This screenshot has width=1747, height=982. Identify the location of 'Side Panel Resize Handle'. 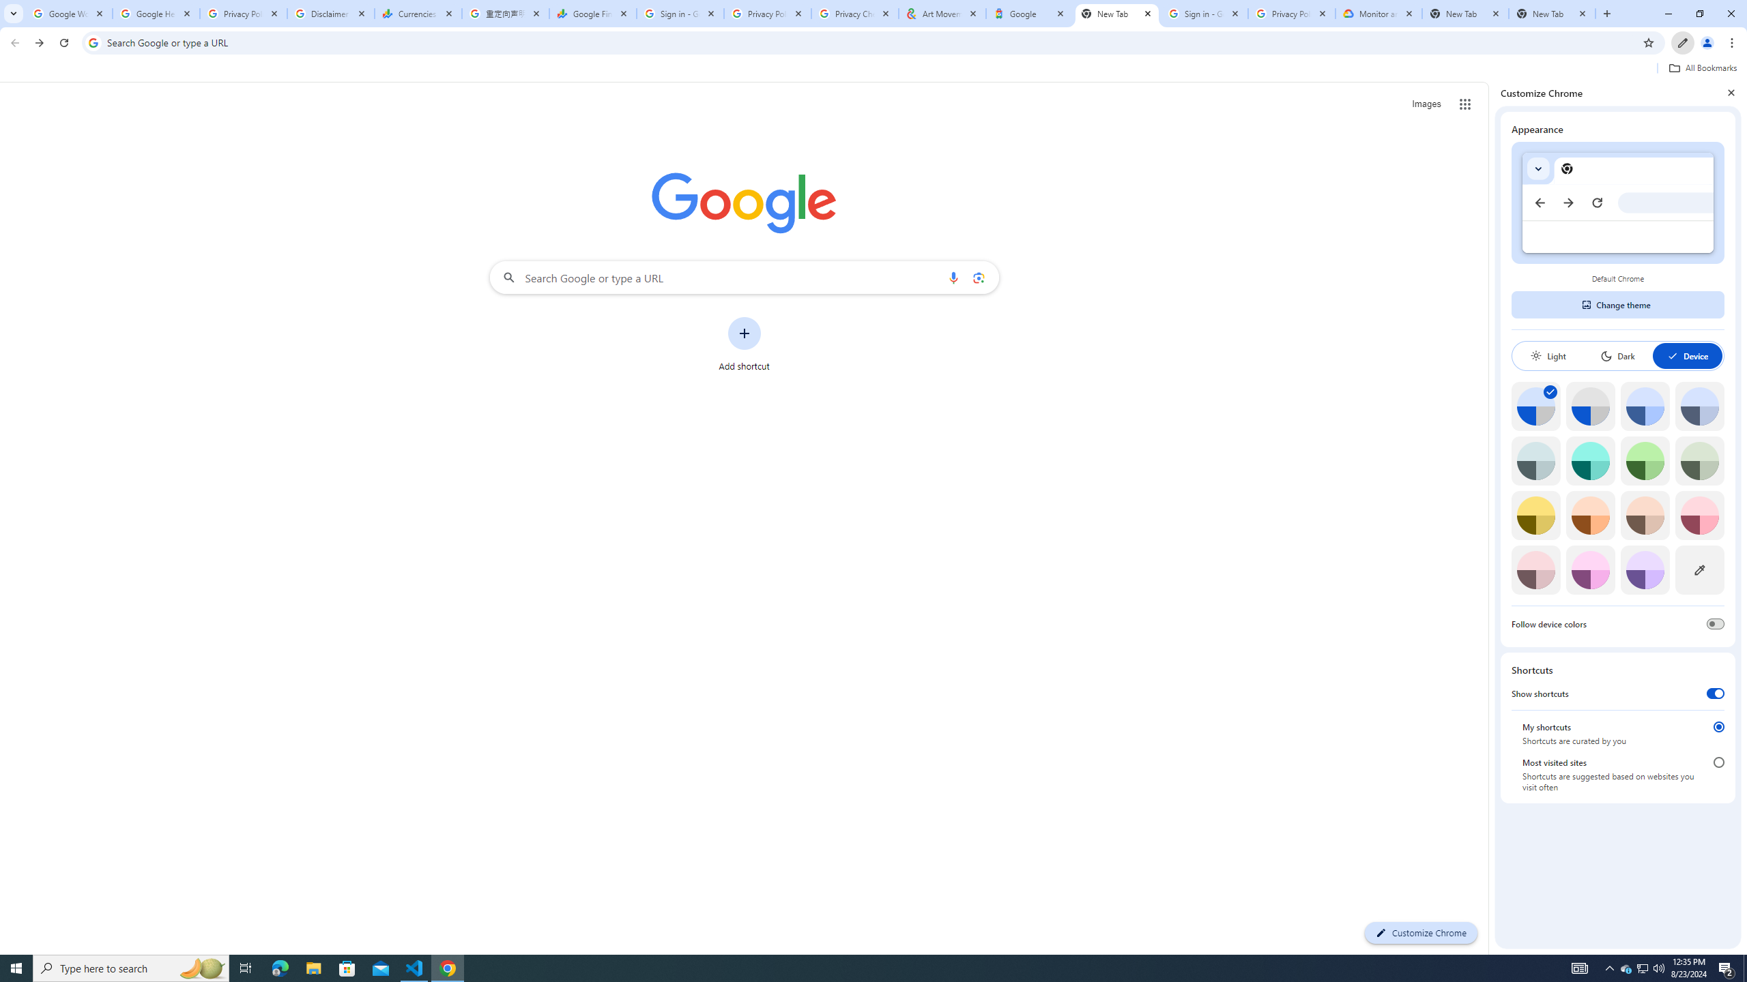
(1491, 517).